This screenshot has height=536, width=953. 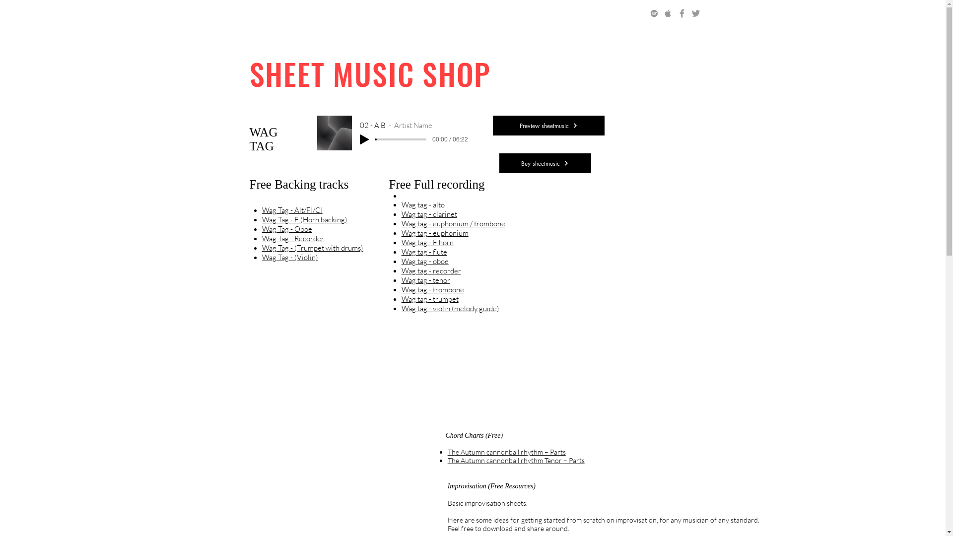 I want to click on 'Wag tag - violin (melody guide)', so click(x=450, y=308).